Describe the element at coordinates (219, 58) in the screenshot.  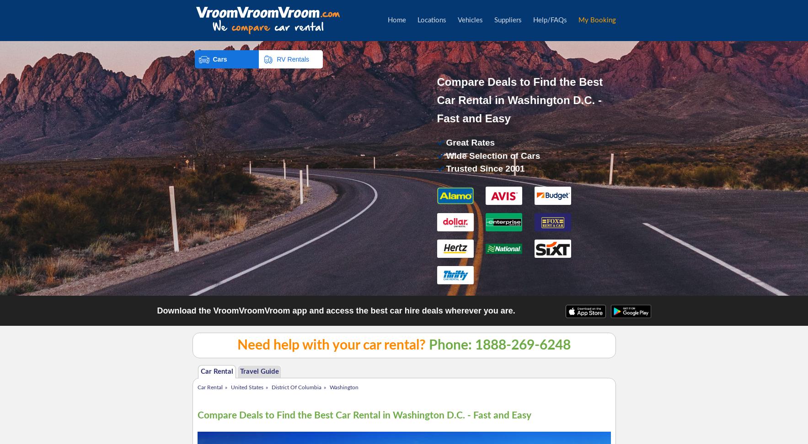
I see `'Cars'` at that location.